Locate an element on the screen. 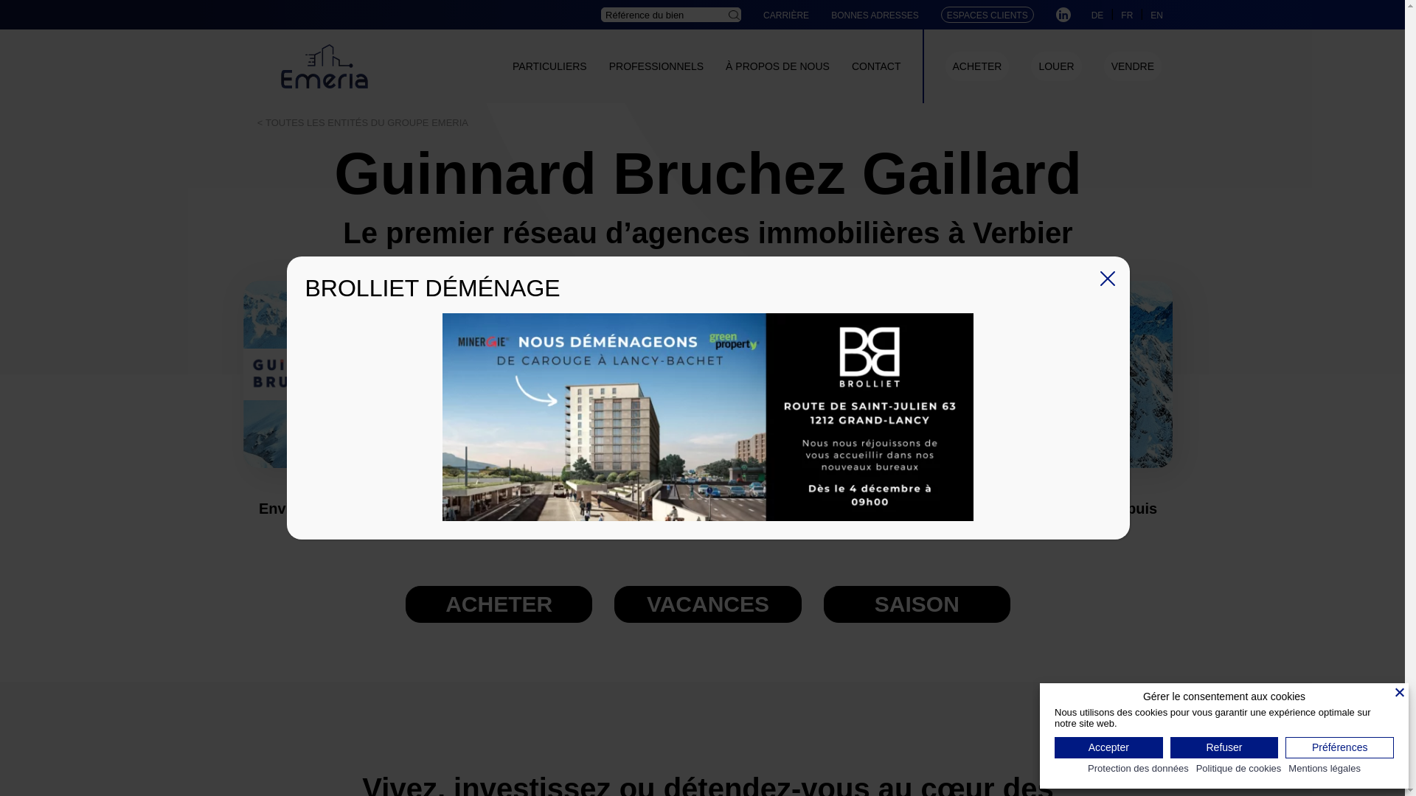 The height and width of the screenshot is (796, 1416). 'FR' is located at coordinates (1125, 15).